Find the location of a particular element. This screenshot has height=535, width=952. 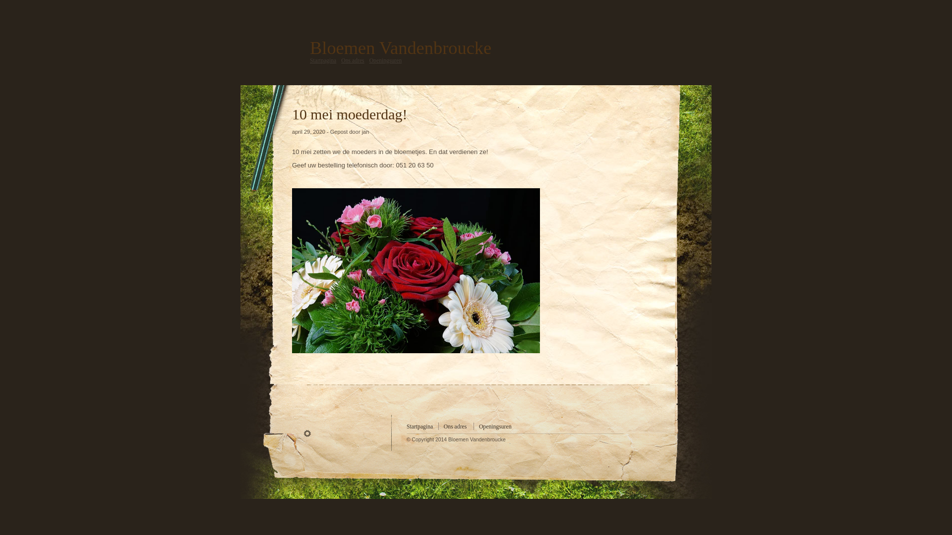

'Openingsuren' is located at coordinates (385, 60).